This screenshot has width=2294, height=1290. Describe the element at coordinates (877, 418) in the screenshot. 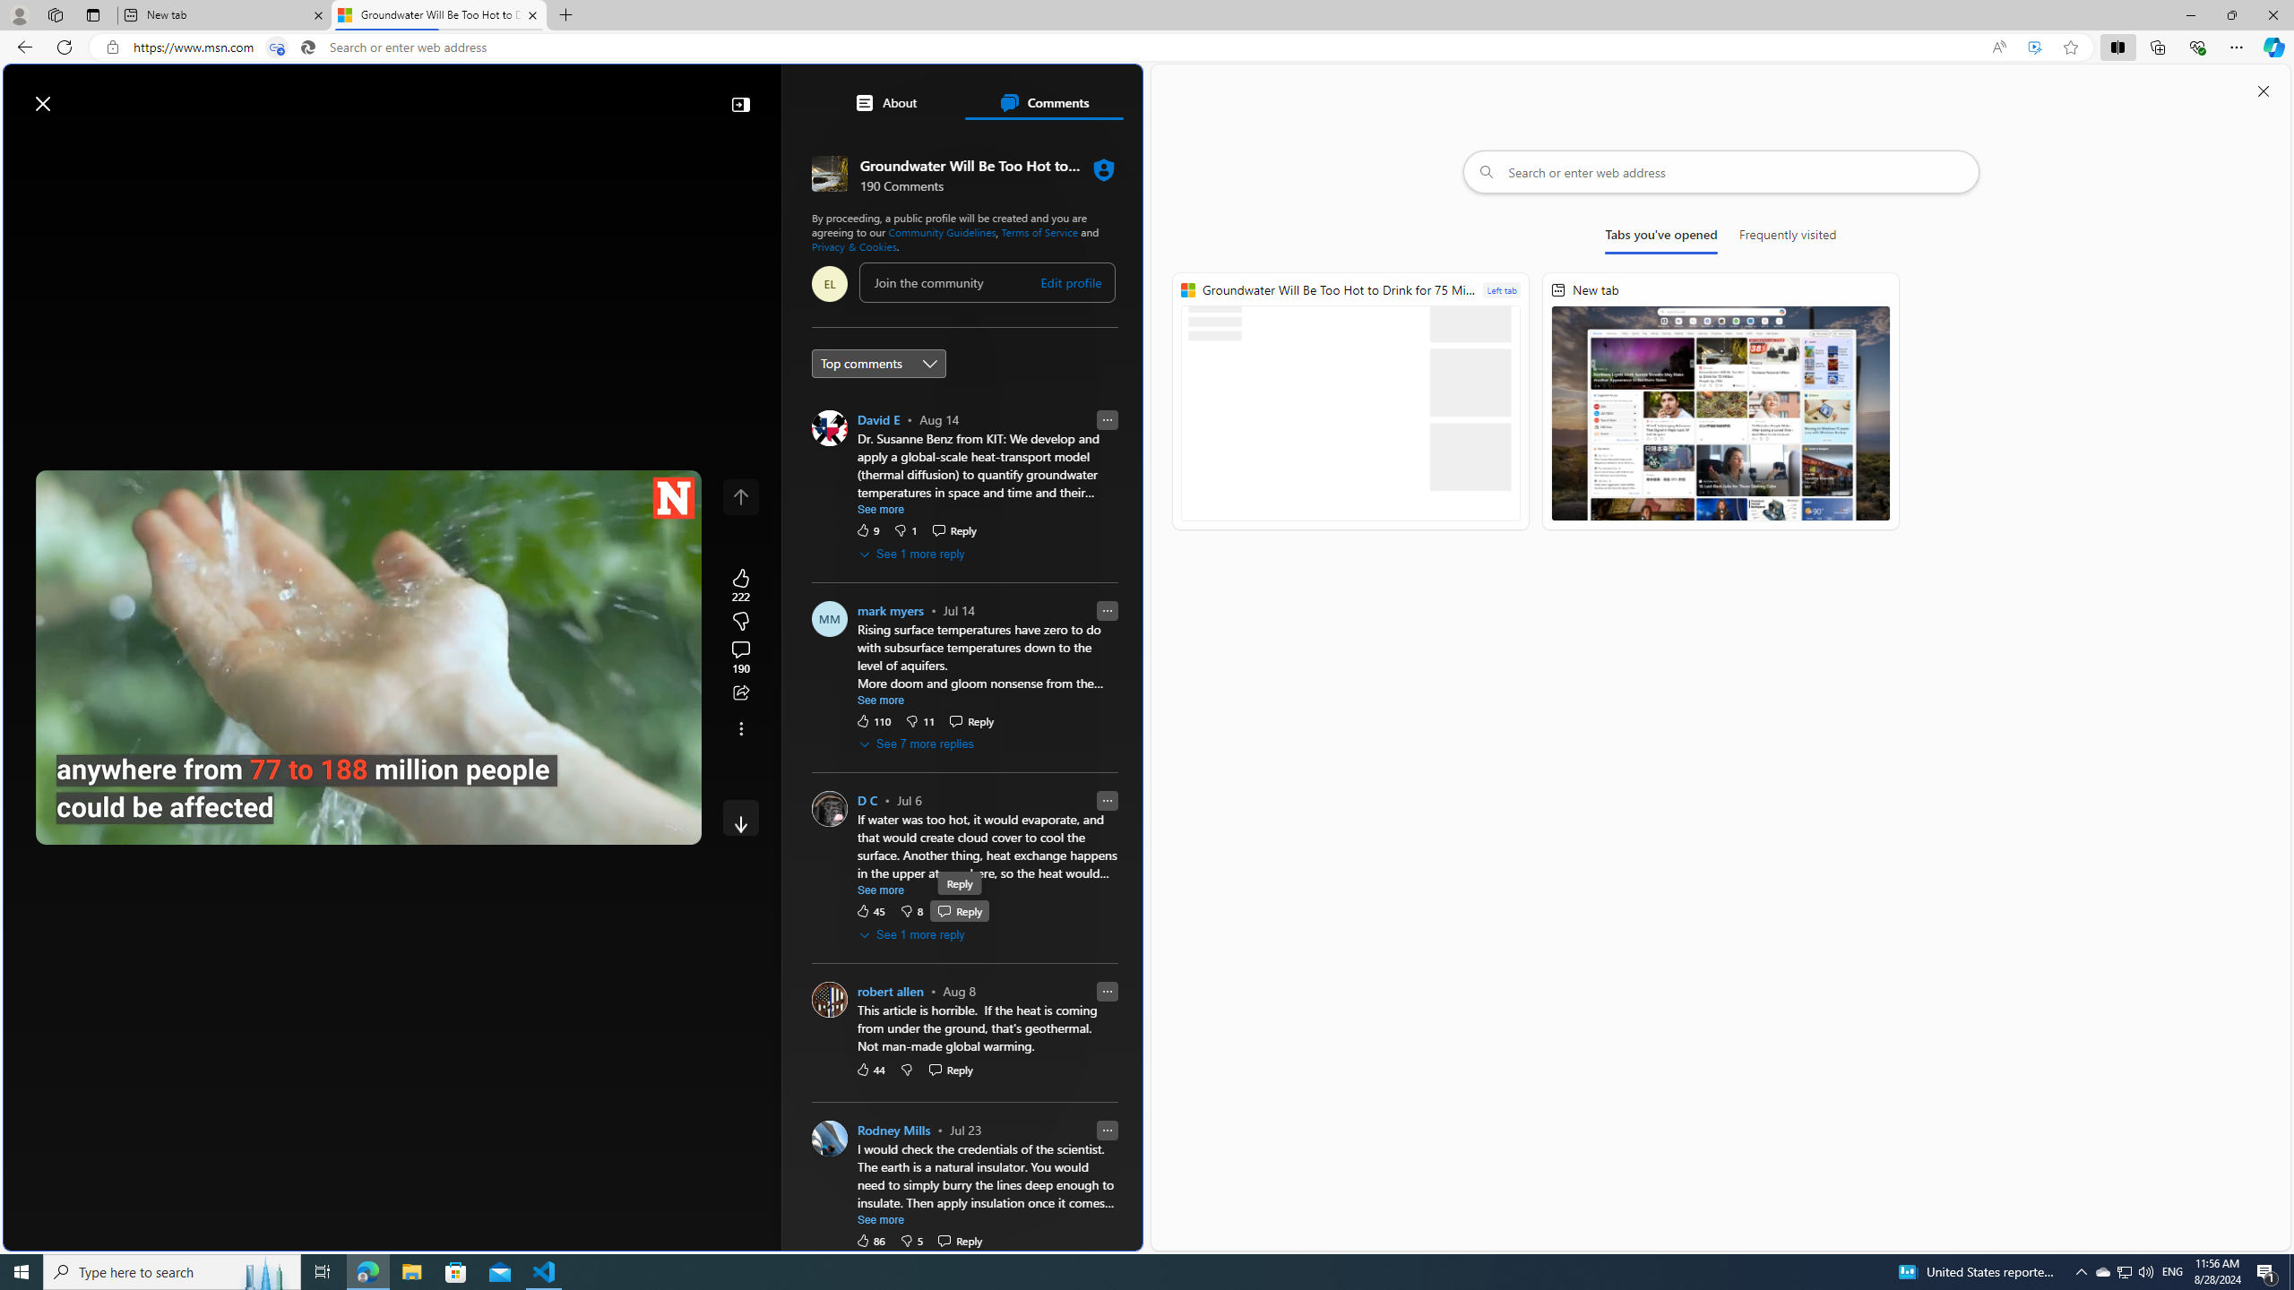

I see `'David E'` at that location.